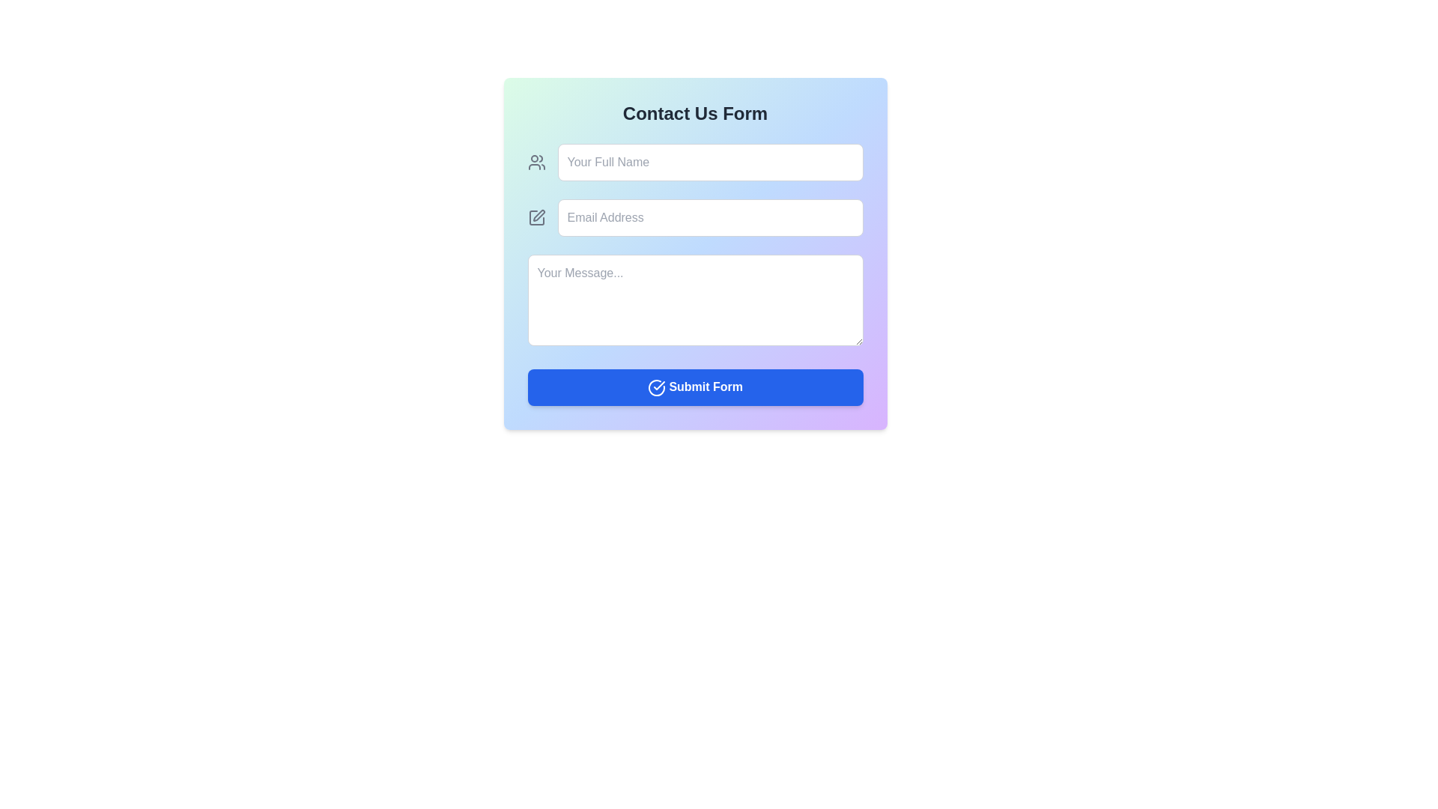 The image size is (1438, 809). I want to click on the 'Submit Form' button that contains the completion icon, located at the bottom of the form interface, so click(656, 387).